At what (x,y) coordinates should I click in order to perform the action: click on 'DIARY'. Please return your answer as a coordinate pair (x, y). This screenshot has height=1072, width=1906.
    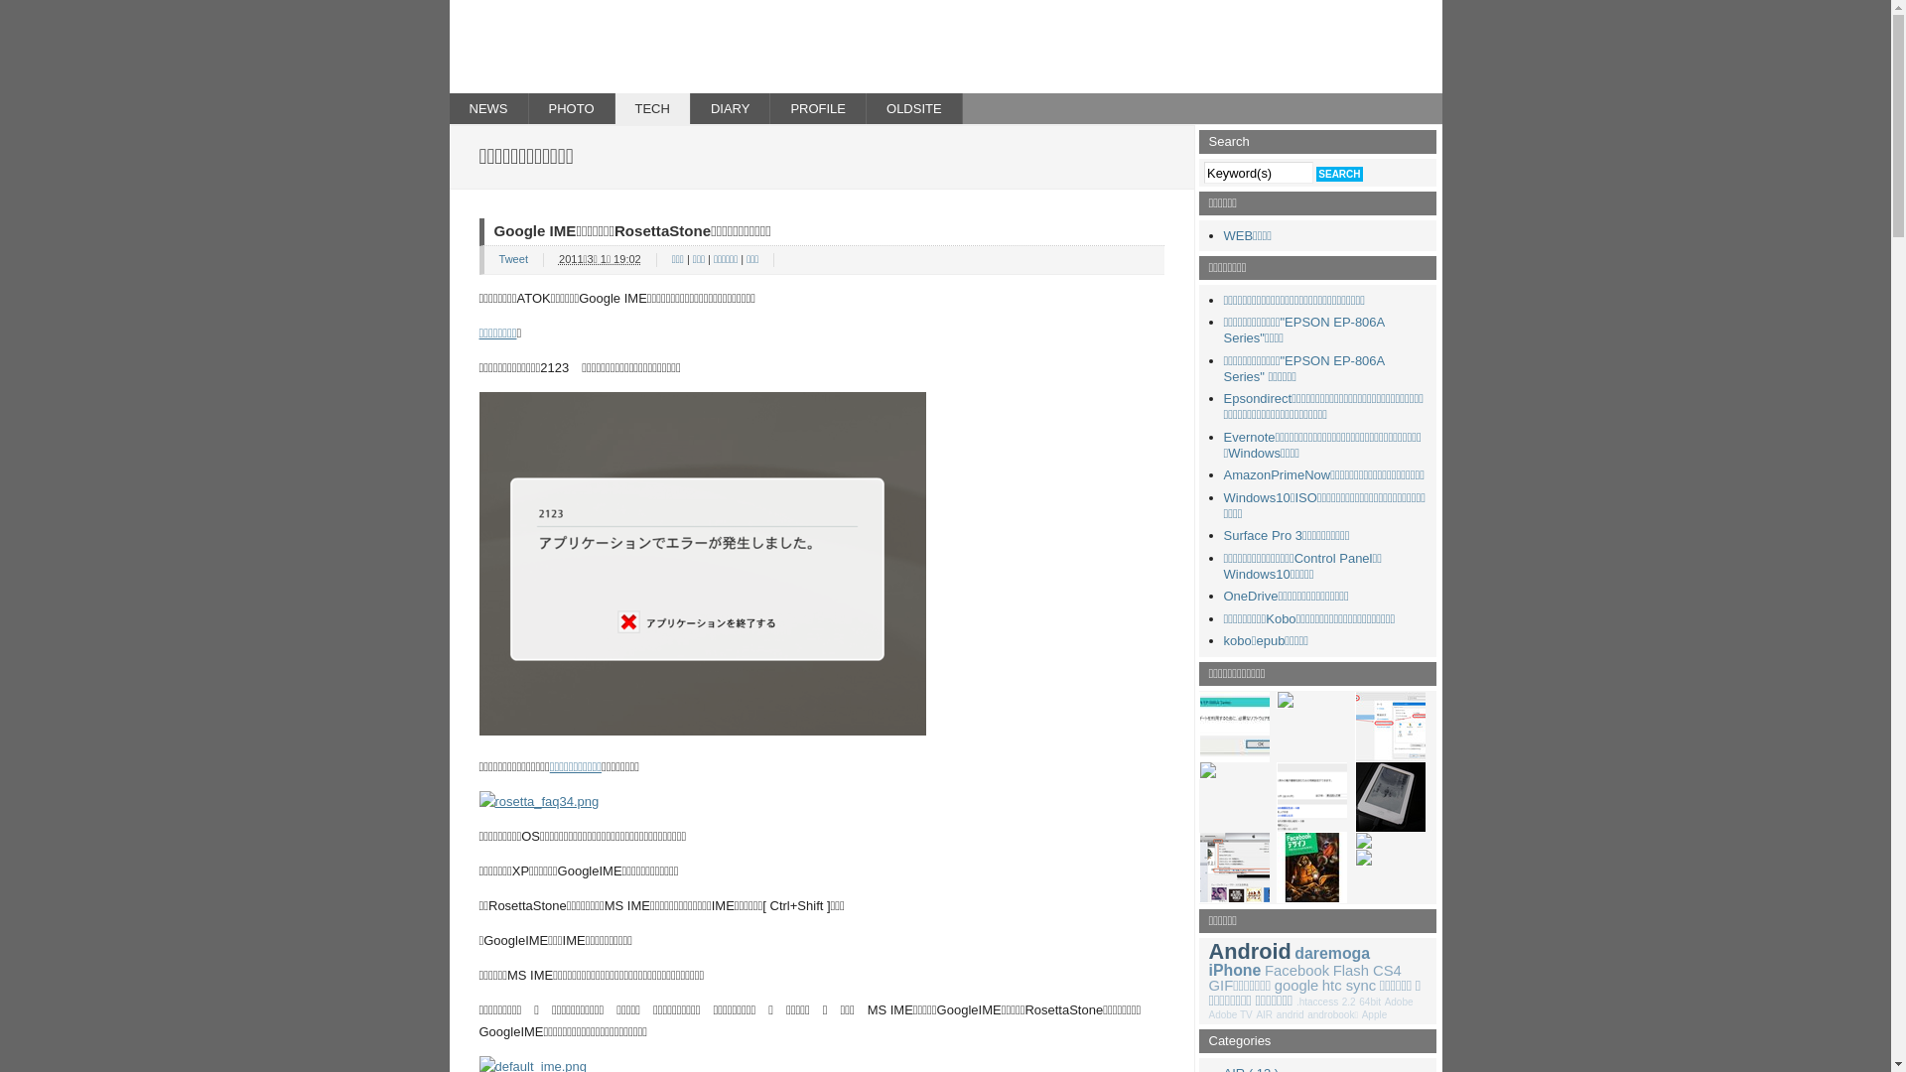
    Looking at the image, I should click on (730, 108).